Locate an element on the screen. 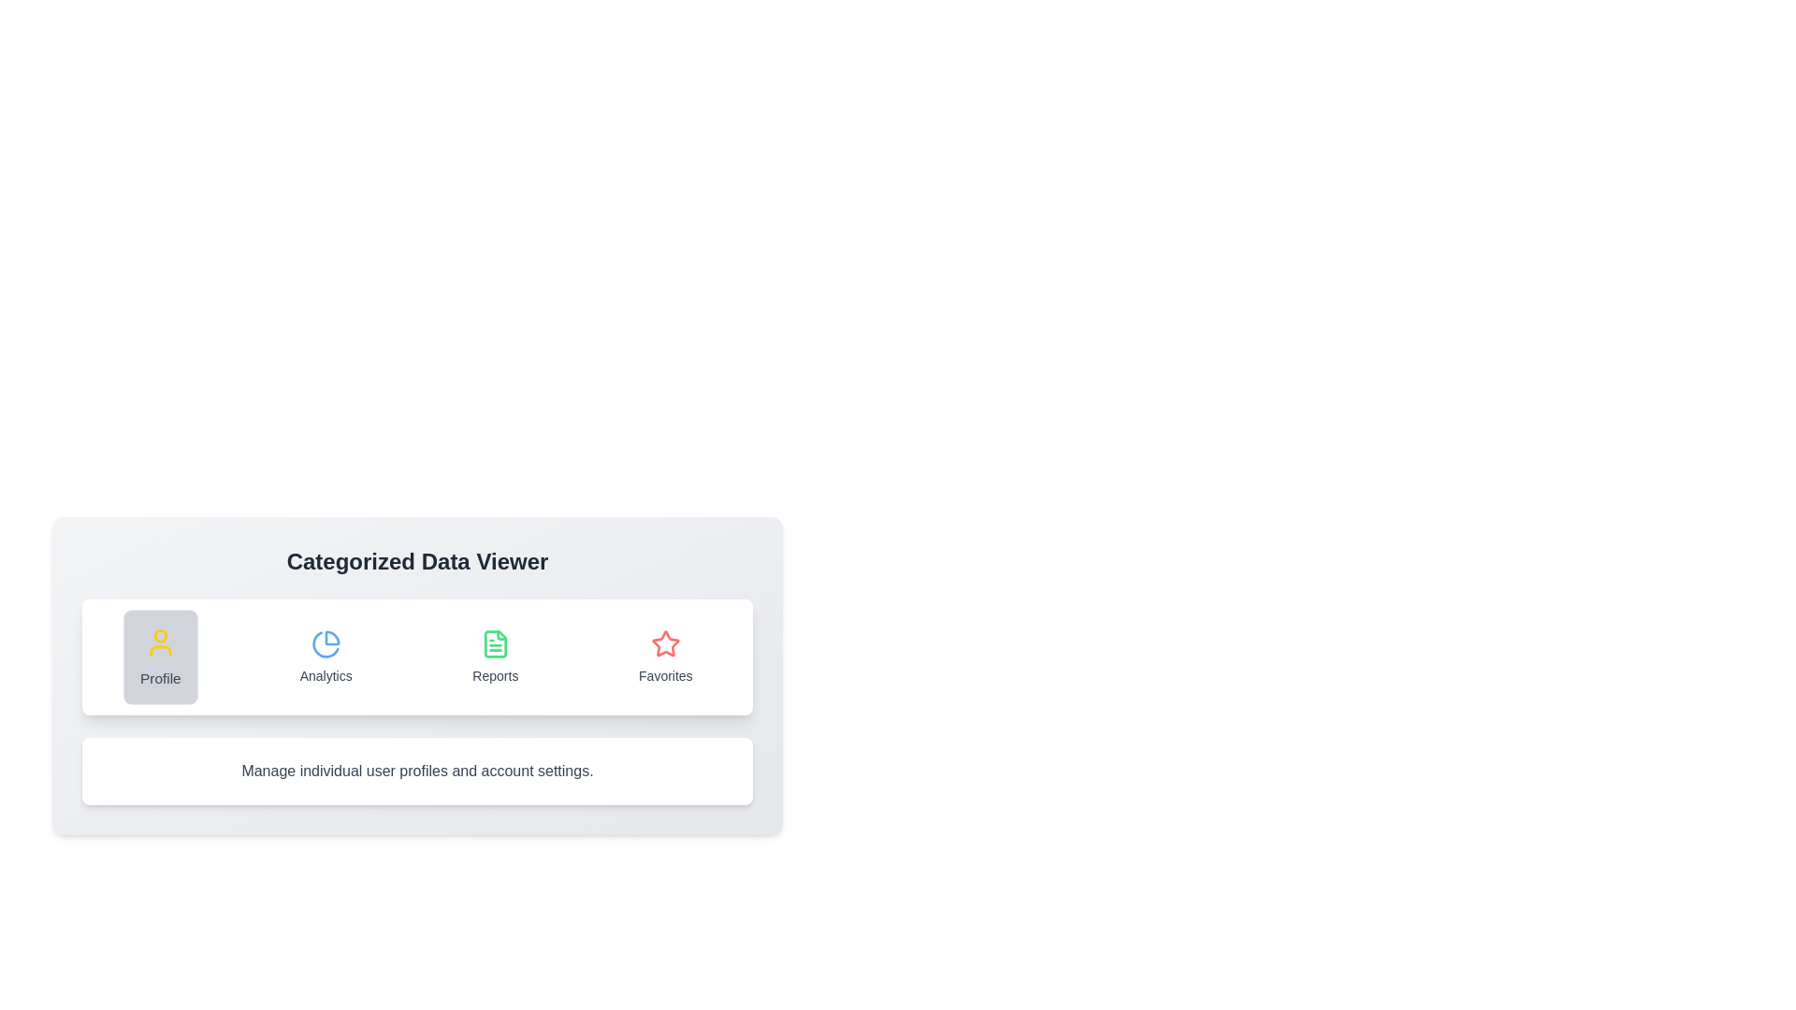 This screenshot has width=1796, height=1010. the 'Analytics' tab to view analytics-related information is located at coordinates (326, 656).